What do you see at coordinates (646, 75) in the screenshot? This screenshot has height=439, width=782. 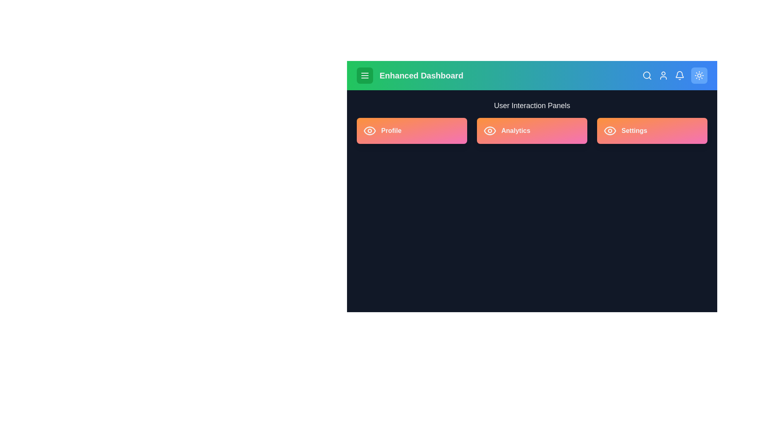 I see `the search icon in the app bar` at bounding box center [646, 75].